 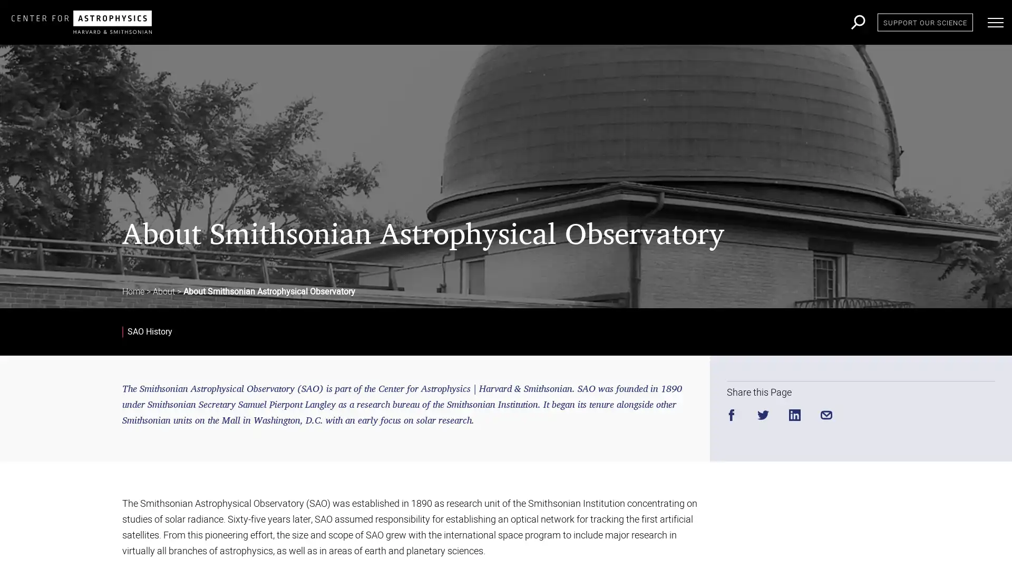 I want to click on Open Menu, so click(x=995, y=22).